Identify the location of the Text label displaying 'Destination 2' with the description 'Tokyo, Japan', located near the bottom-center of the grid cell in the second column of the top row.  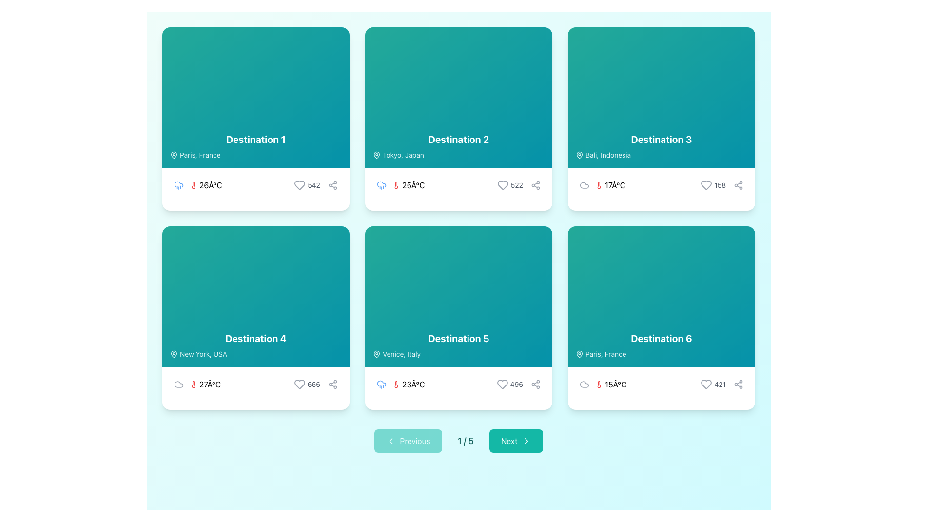
(458, 146).